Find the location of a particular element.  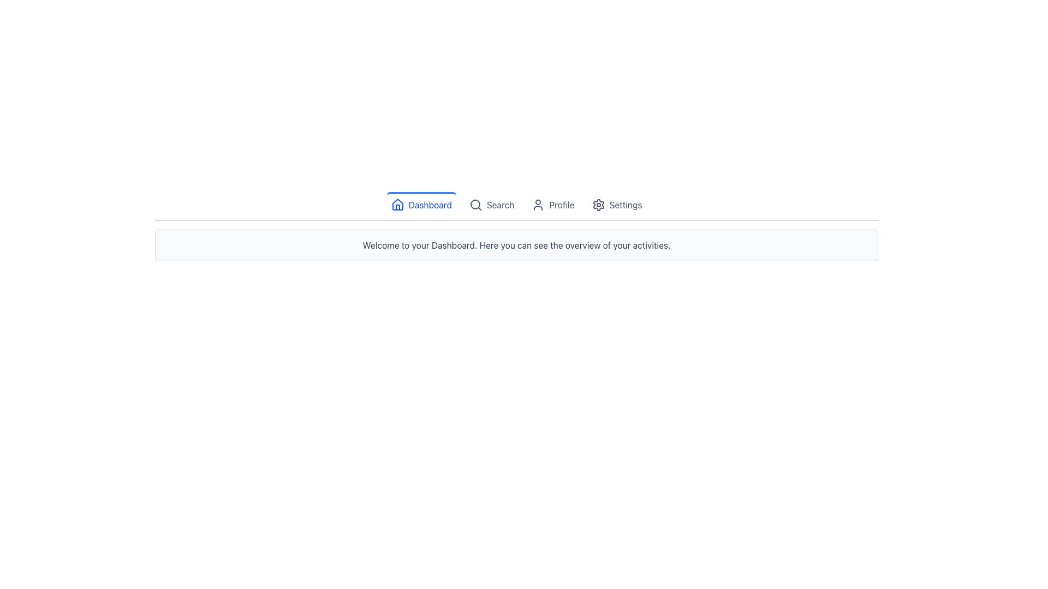

the 'Dashboard' text label in the top navigation bar is located at coordinates (430, 205).